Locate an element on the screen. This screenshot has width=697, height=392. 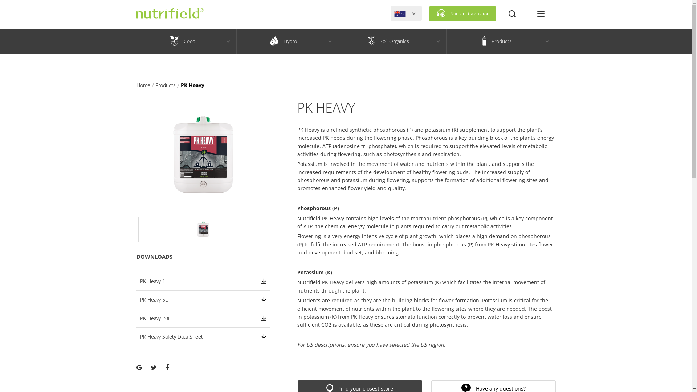
'Hydro' is located at coordinates (237, 41).